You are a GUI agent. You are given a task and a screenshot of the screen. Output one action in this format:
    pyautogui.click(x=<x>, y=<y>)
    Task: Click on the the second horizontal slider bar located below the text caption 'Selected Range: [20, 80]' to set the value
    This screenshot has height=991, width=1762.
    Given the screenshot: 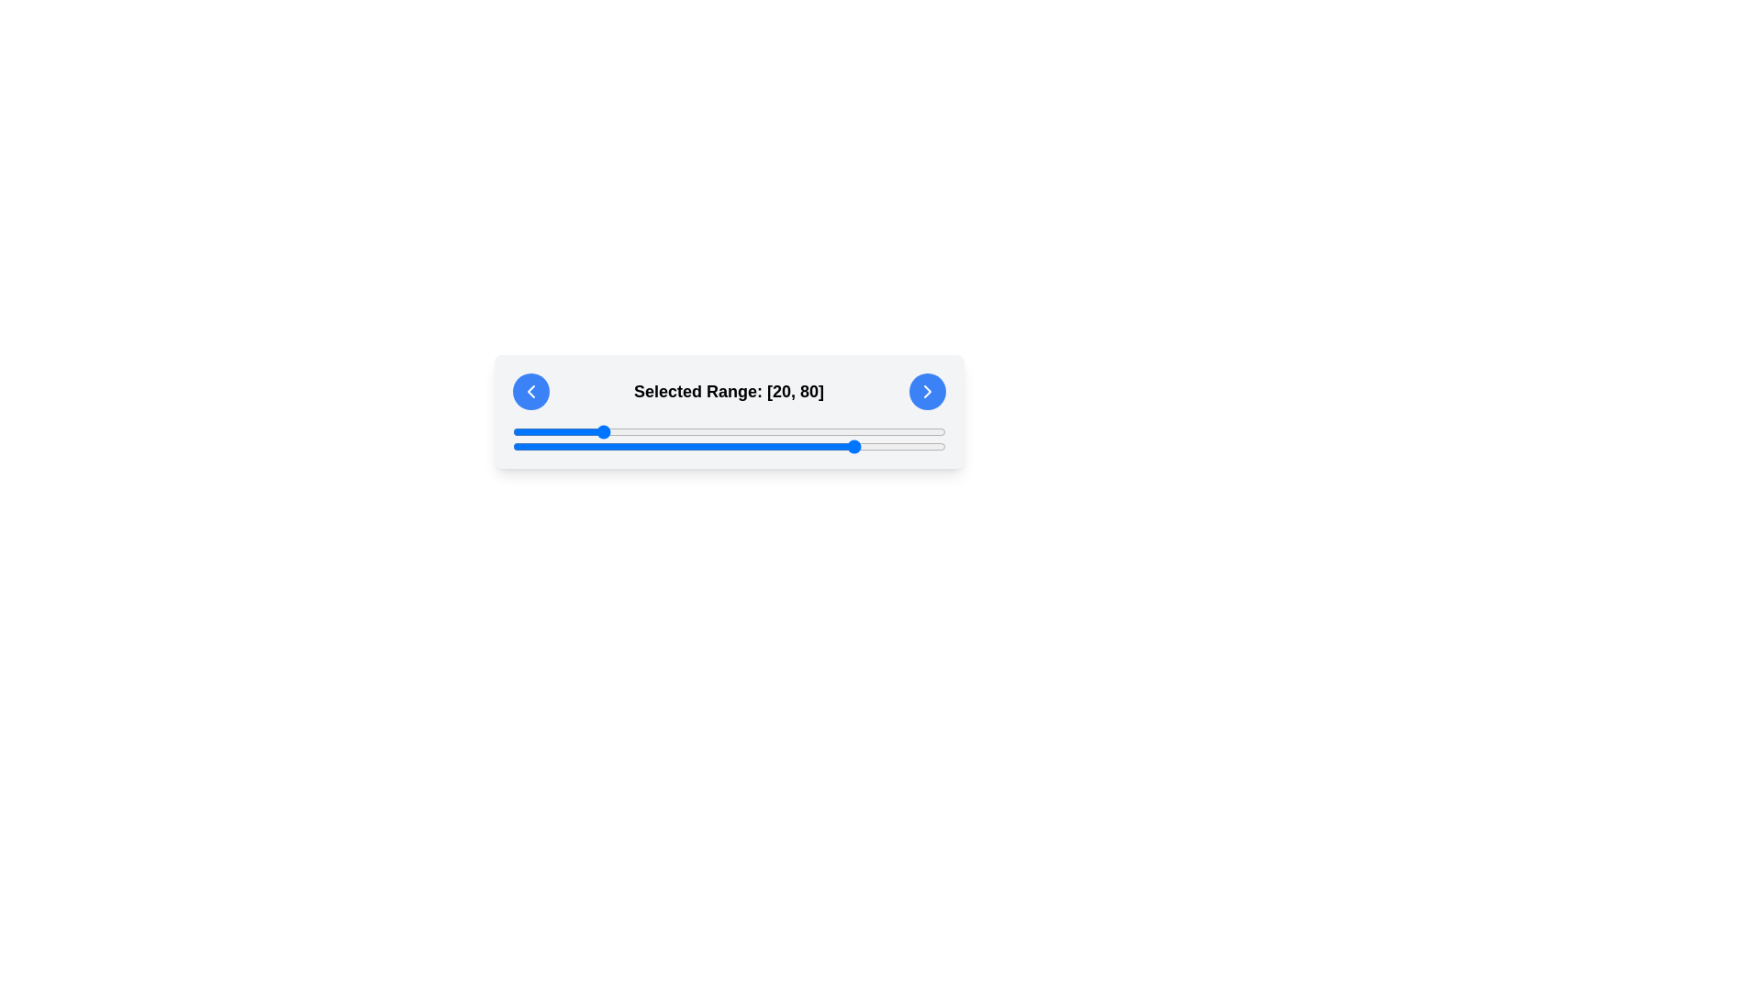 What is the action you would take?
    pyautogui.click(x=728, y=446)
    